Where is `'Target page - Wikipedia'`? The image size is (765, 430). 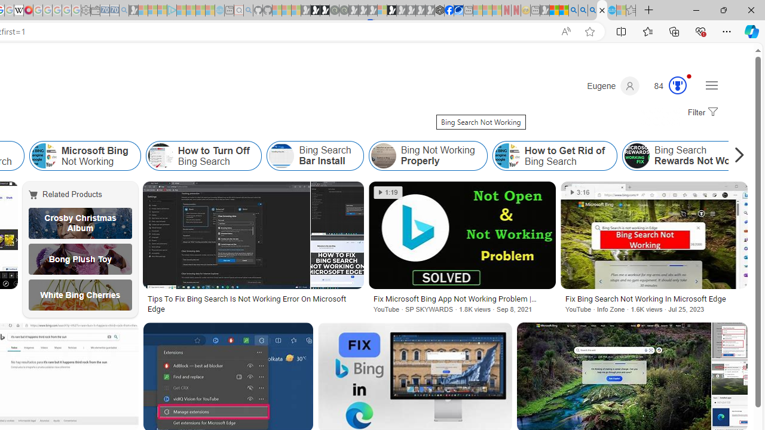 'Target page - Wikipedia' is located at coordinates (19, 10).